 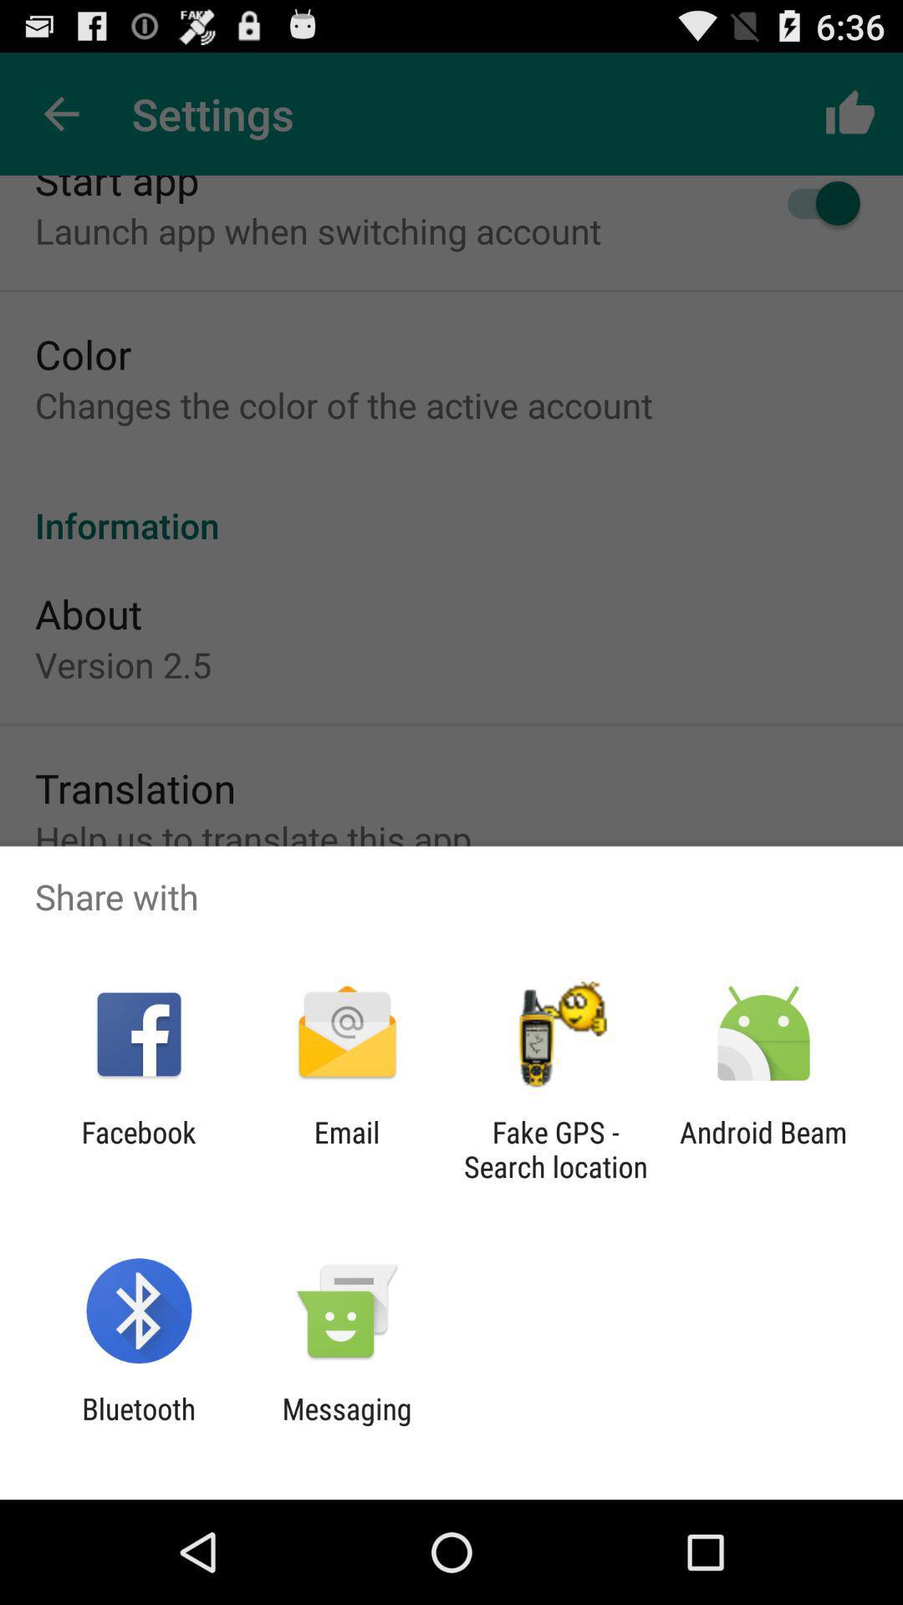 I want to click on the android beam icon, so click(x=763, y=1149).